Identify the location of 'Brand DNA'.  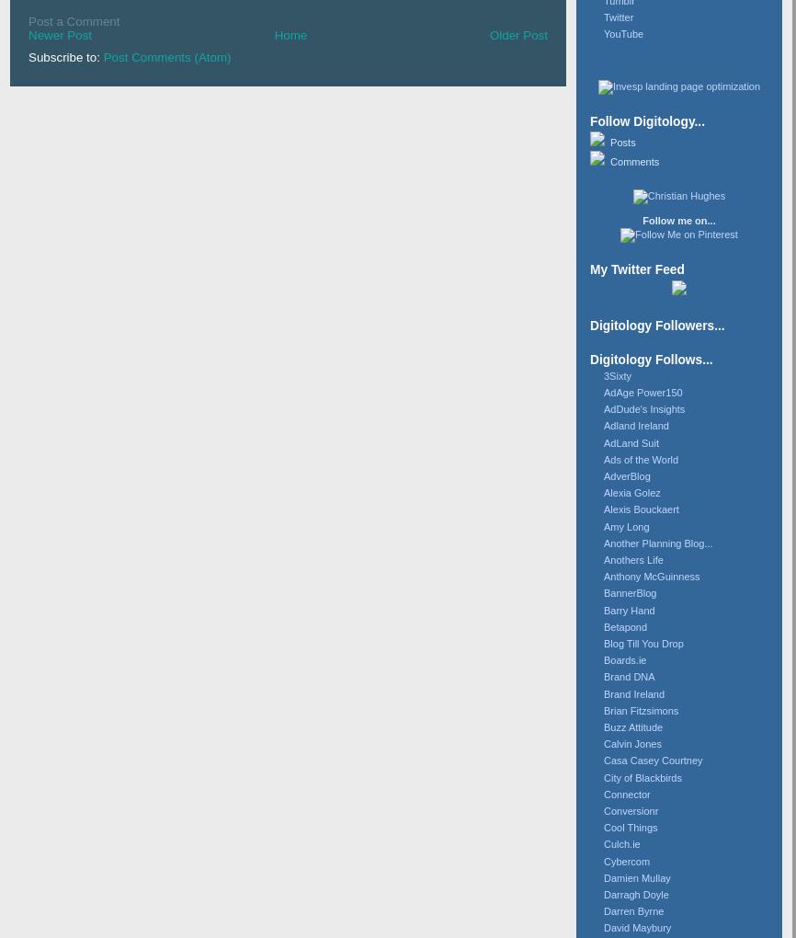
(628, 677).